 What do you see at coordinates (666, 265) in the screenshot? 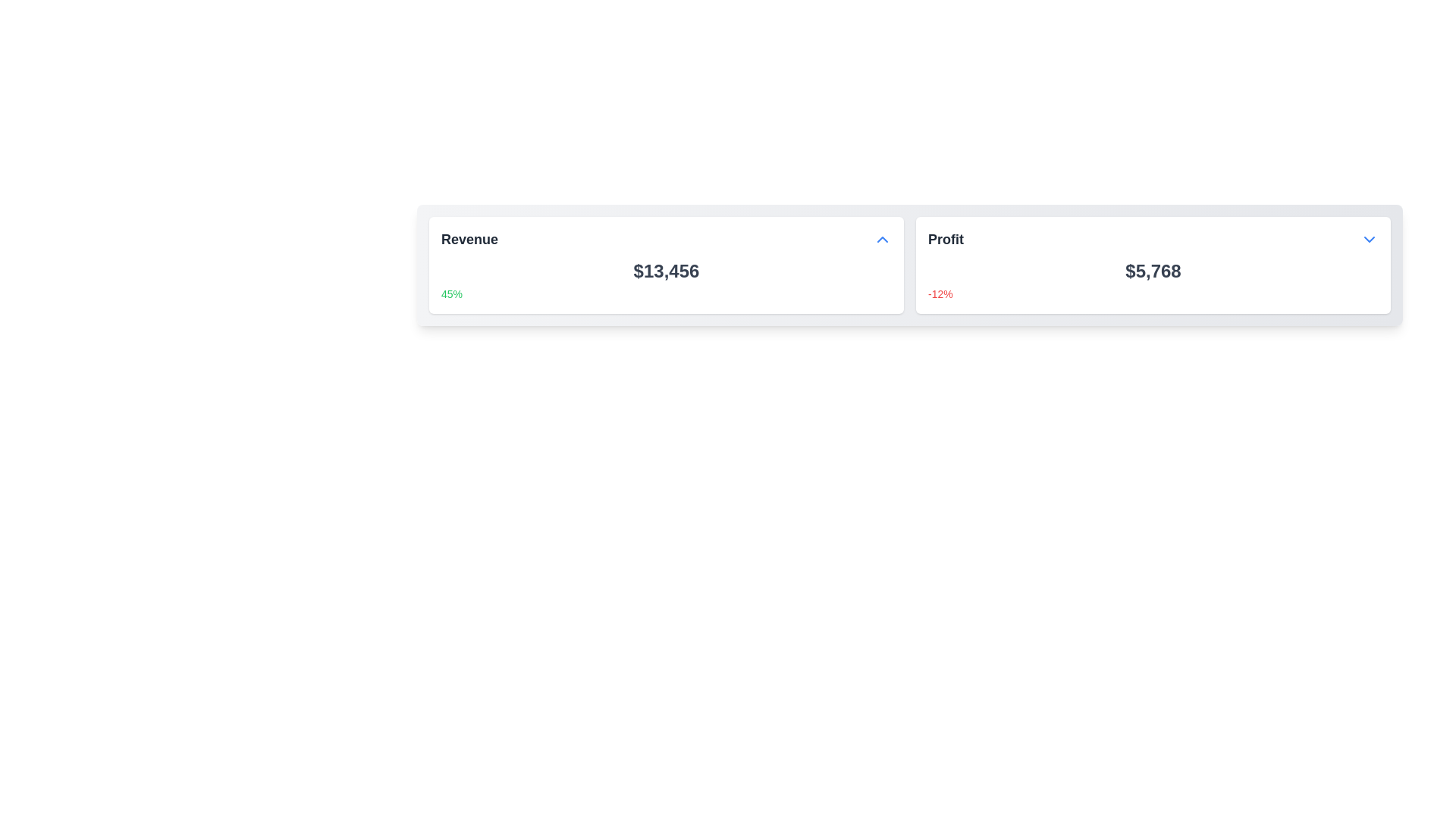
I see `the revenue summary card, which is the first card in a two-column grid layout displaying financial performance data` at bounding box center [666, 265].